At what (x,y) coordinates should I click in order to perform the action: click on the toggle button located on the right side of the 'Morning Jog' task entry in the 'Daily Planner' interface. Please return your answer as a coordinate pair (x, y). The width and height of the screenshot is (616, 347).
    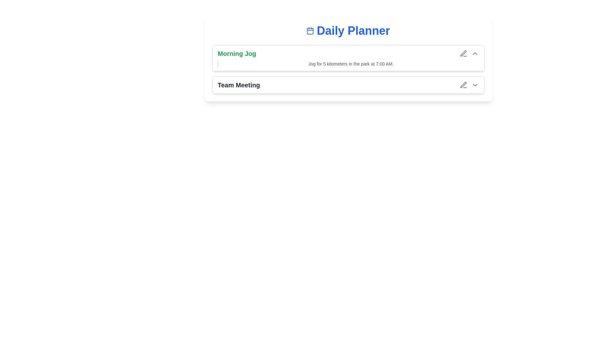
    Looking at the image, I should click on (475, 53).